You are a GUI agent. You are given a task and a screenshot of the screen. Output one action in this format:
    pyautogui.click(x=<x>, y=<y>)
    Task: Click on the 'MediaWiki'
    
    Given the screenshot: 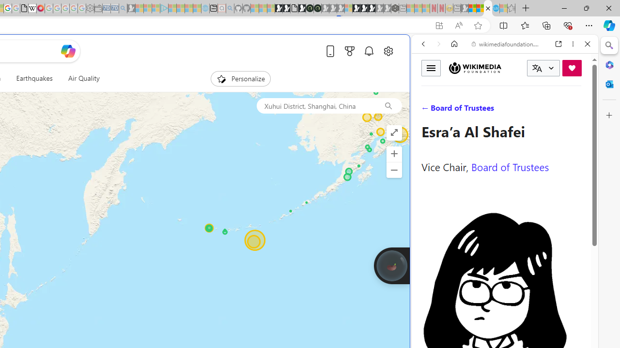 What is the action you would take?
    pyautogui.click(x=40, y=8)
    